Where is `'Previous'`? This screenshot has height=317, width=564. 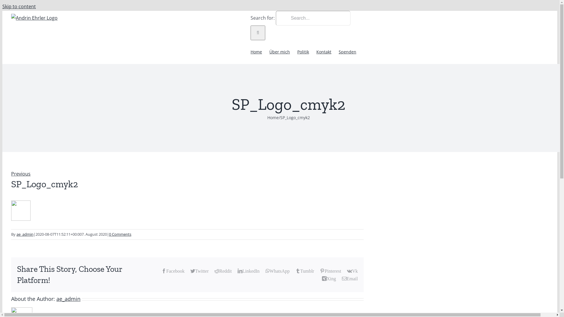
'Previous' is located at coordinates (21, 173).